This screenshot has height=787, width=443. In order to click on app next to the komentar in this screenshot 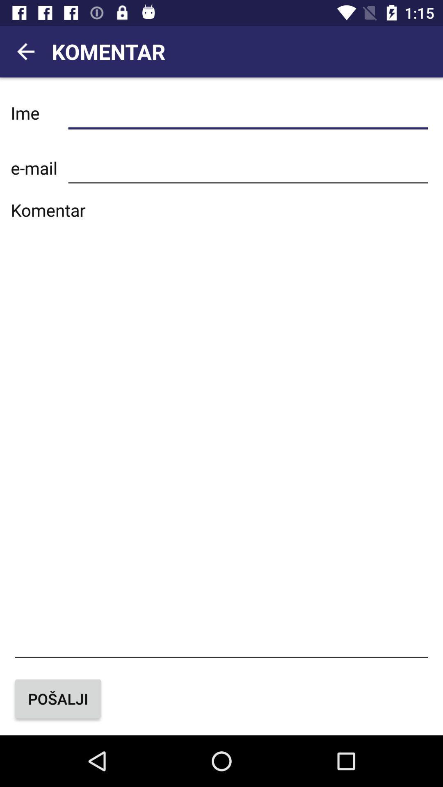, I will do `click(25, 51)`.